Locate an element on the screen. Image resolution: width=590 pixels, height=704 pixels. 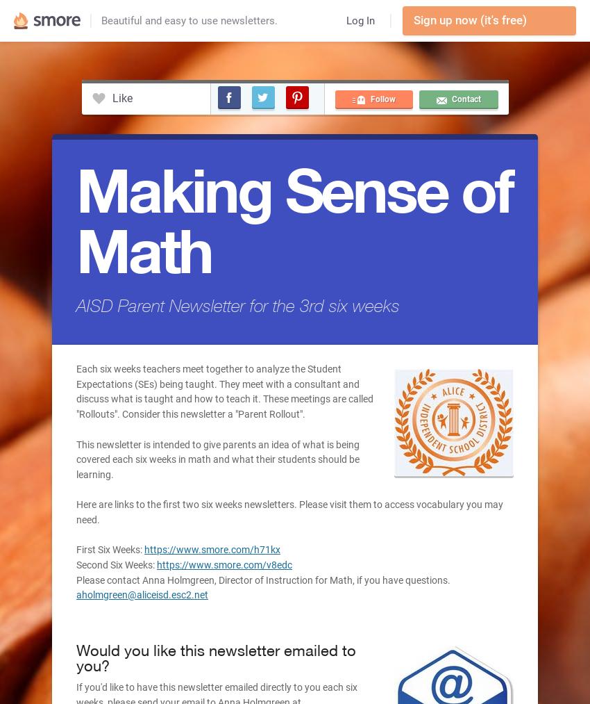
'Please contact Anna Holmgreen, Director of Instruction for Math, if you have questions.' is located at coordinates (75, 579).